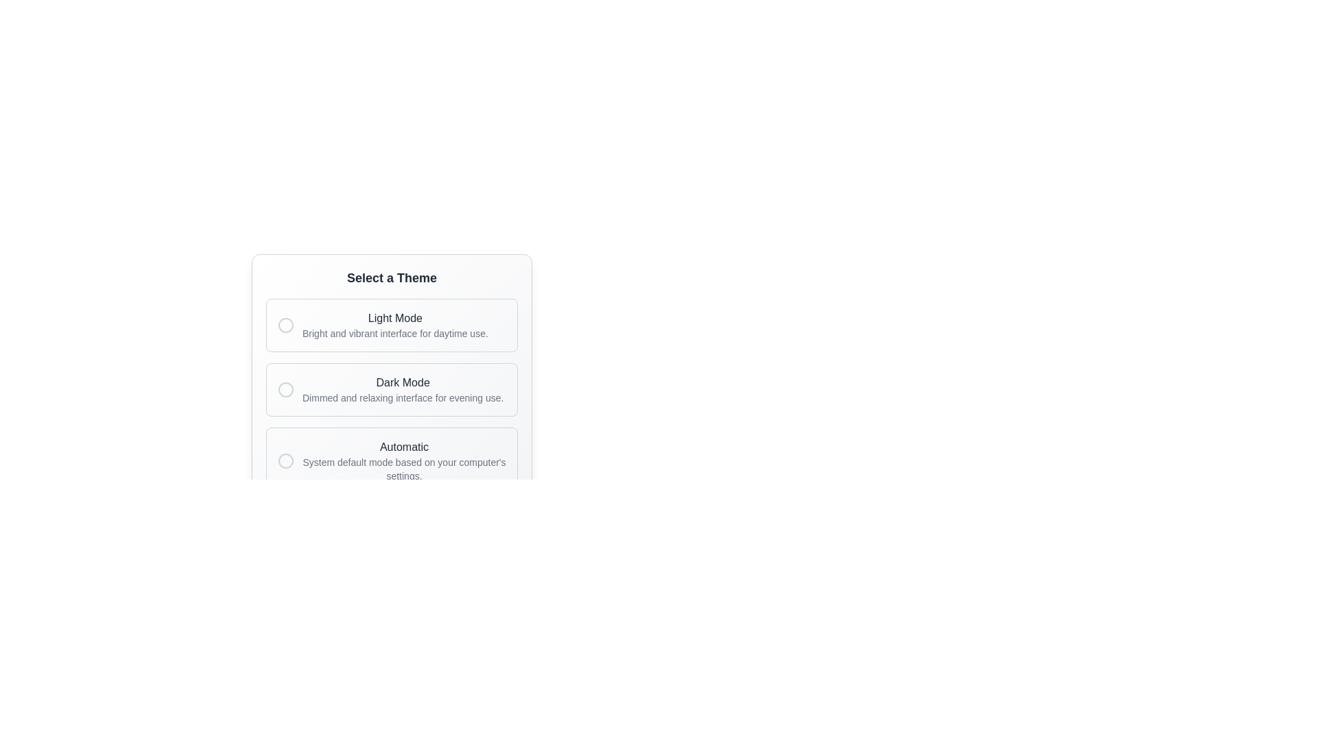 The width and height of the screenshot is (1317, 740). What do you see at coordinates (285, 390) in the screenshot?
I see `circular icon used for adjusting settings related to the 'Dark Mode' theme in the 'Select a Theme' interface by clicking on it` at bounding box center [285, 390].